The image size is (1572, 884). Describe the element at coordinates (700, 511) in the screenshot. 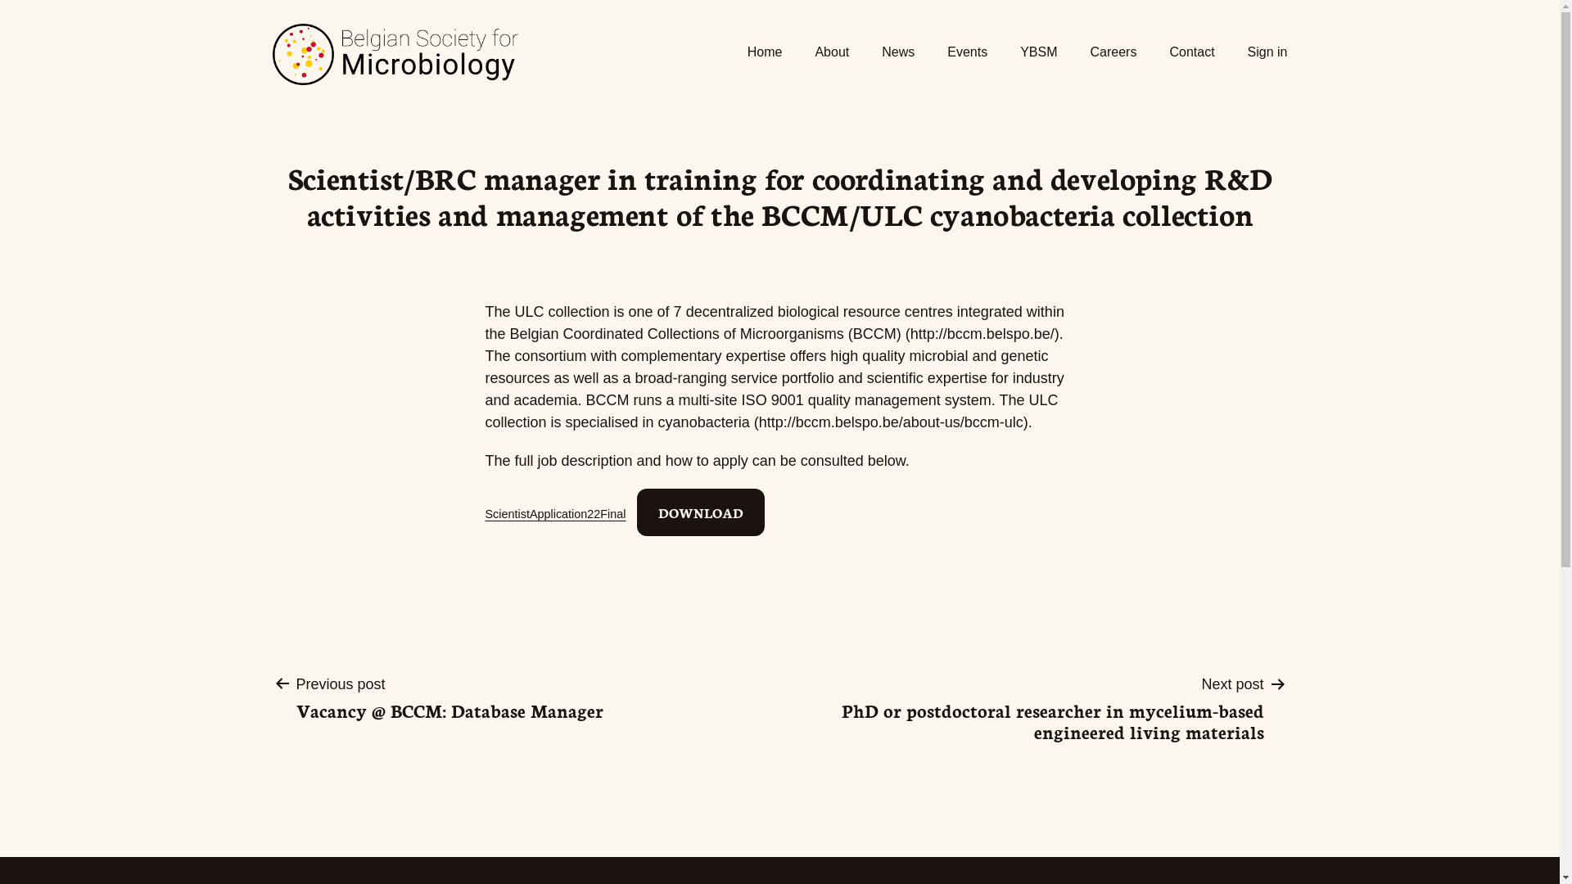

I see `'DOWNLOAD'` at that location.